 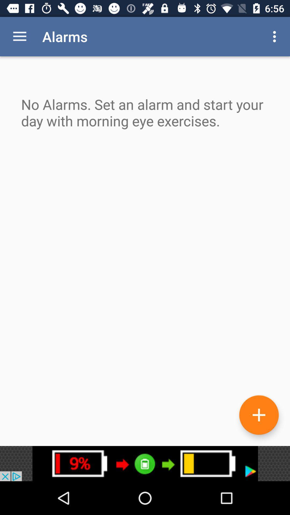 What do you see at coordinates (259, 415) in the screenshot?
I see `the add icon` at bounding box center [259, 415].